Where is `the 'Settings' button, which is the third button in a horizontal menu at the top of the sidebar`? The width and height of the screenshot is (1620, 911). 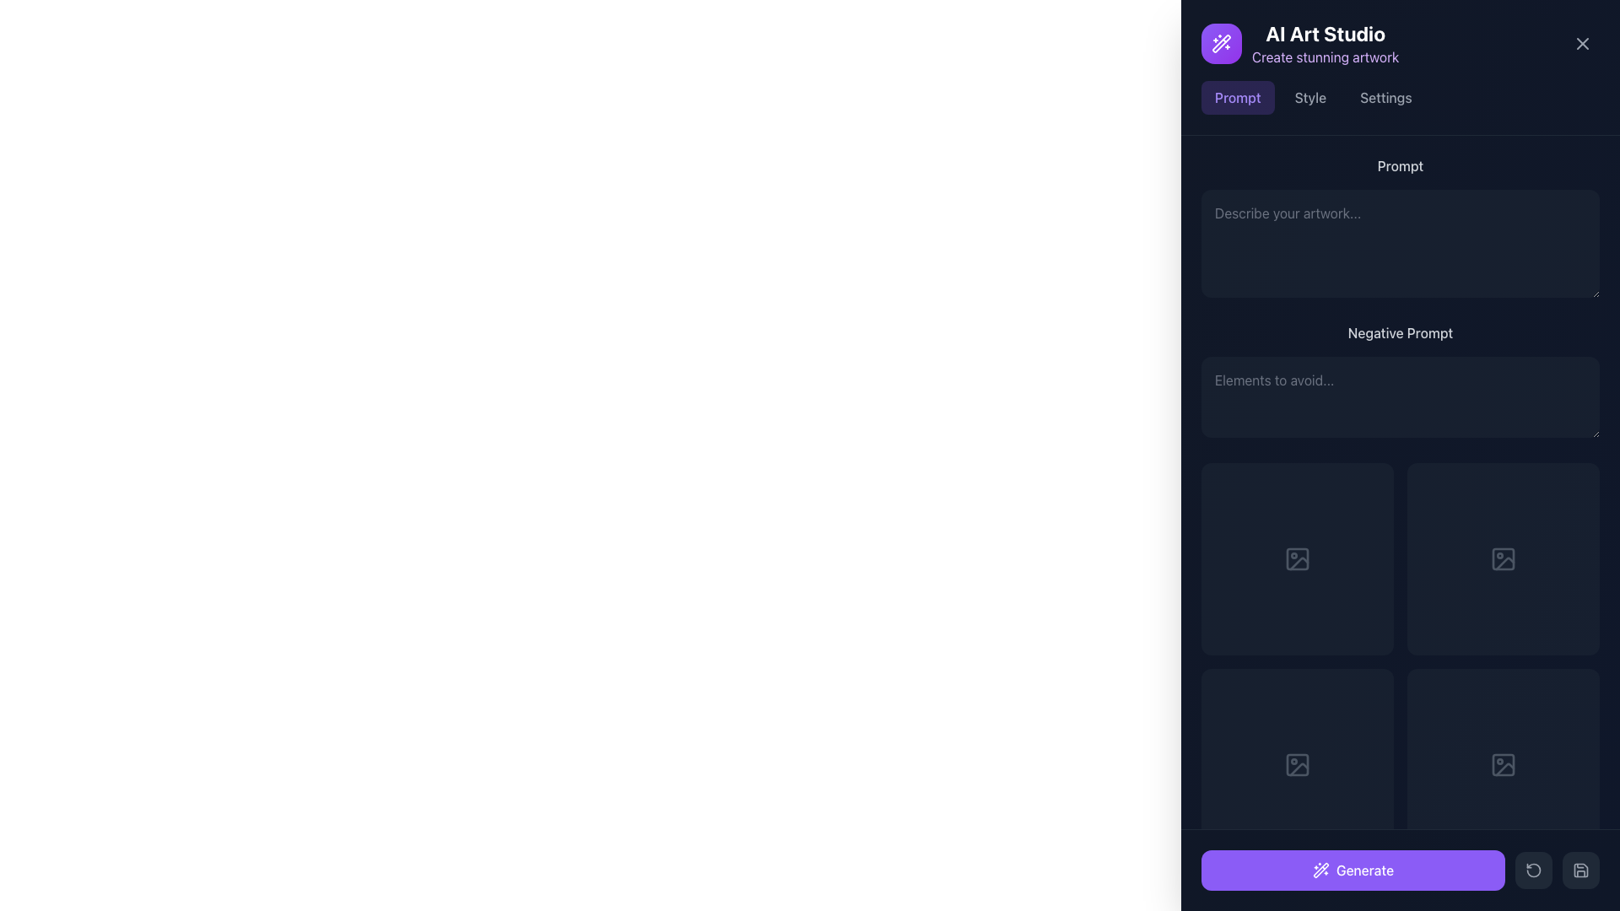 the 'Settings' button, which is the third button in a horizontal menu at the top of the sidebar is located at coordinates (1385, 97).